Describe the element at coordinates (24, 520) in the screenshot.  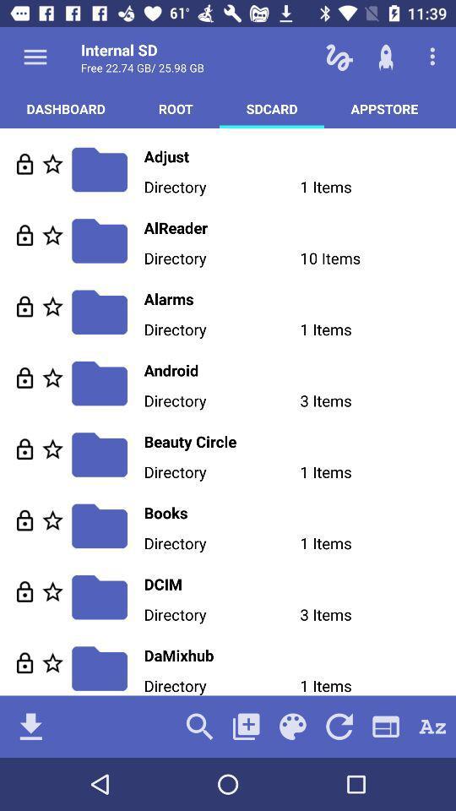
I see `lock` at that location.